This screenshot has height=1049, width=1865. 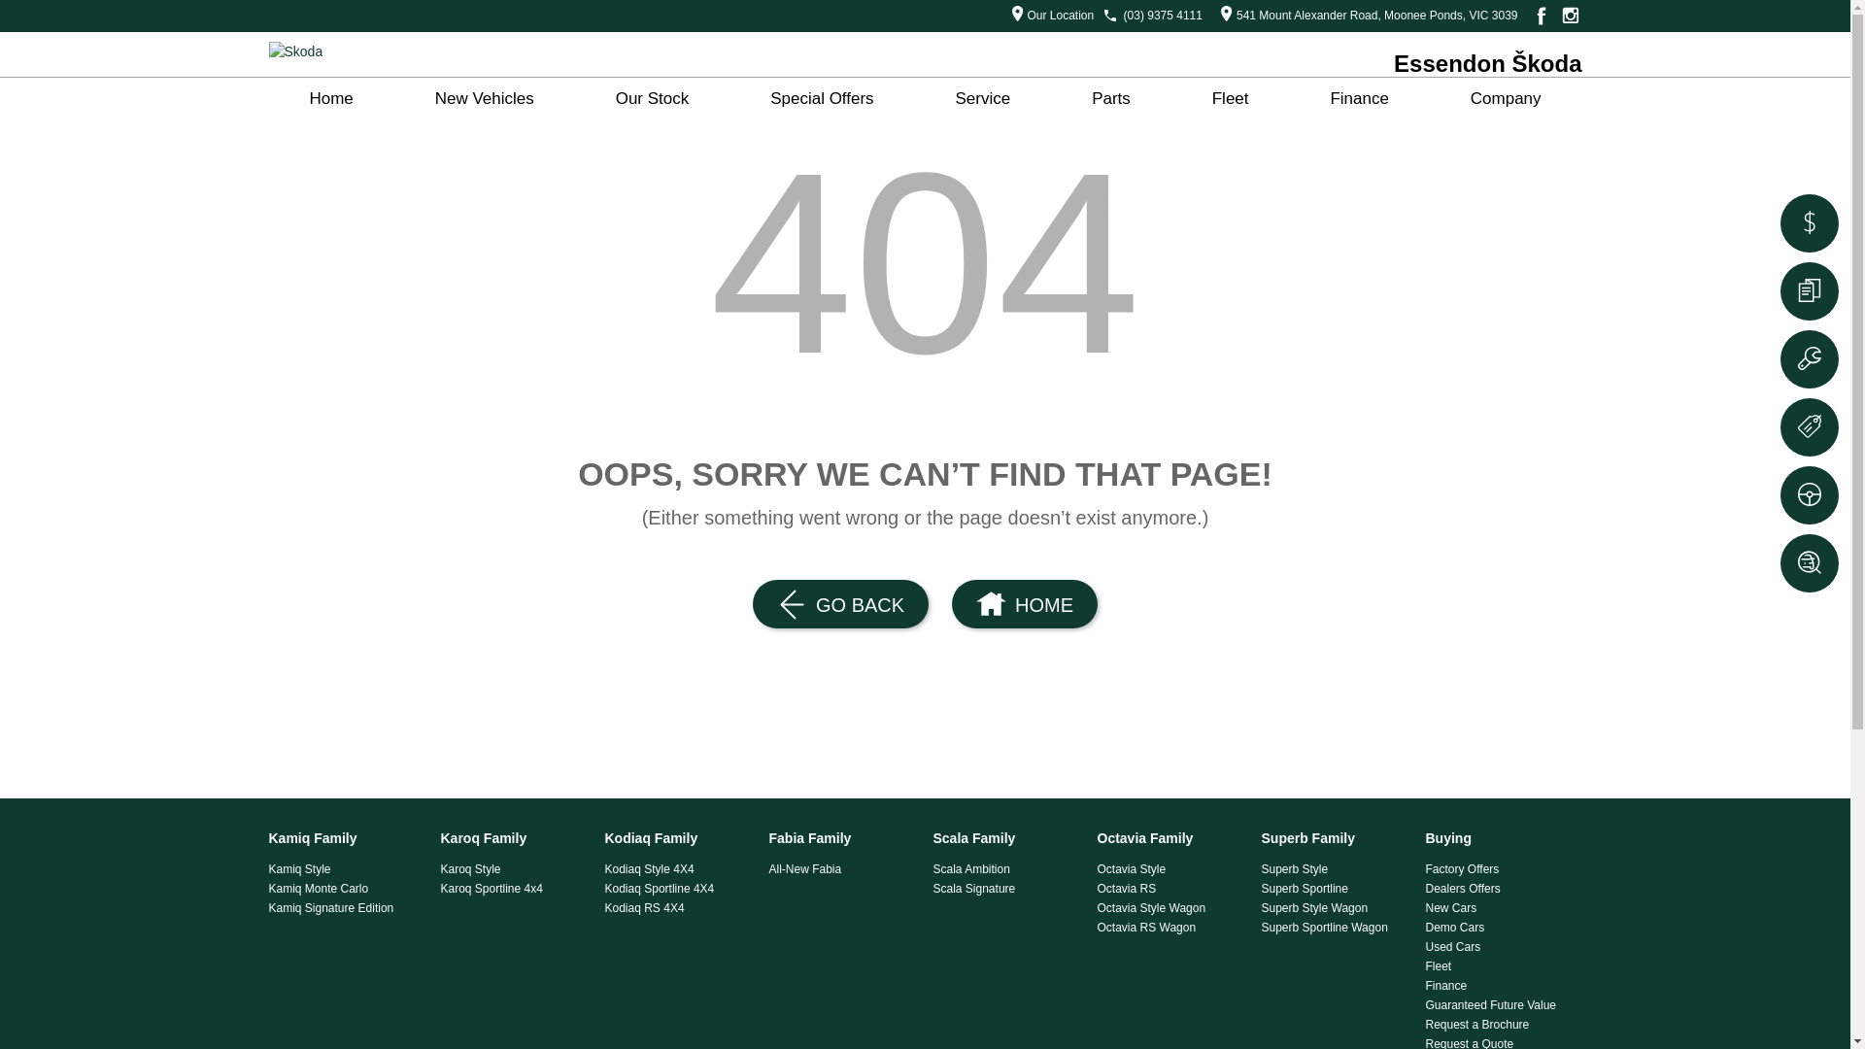 I want to click on 'Demo Cars', so click(x=1426, y=927).